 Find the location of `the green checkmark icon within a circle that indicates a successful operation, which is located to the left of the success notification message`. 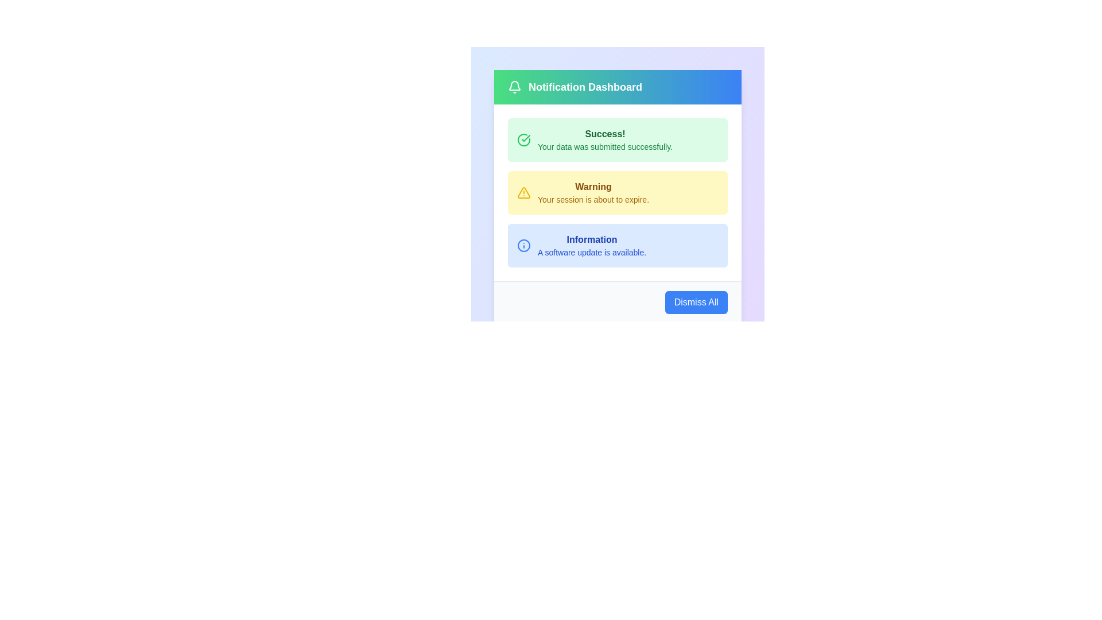

the green checkmark icon within a circle that indicates a successful operation, which is located to the left of the success notification message is located at coordinates (523, 139).